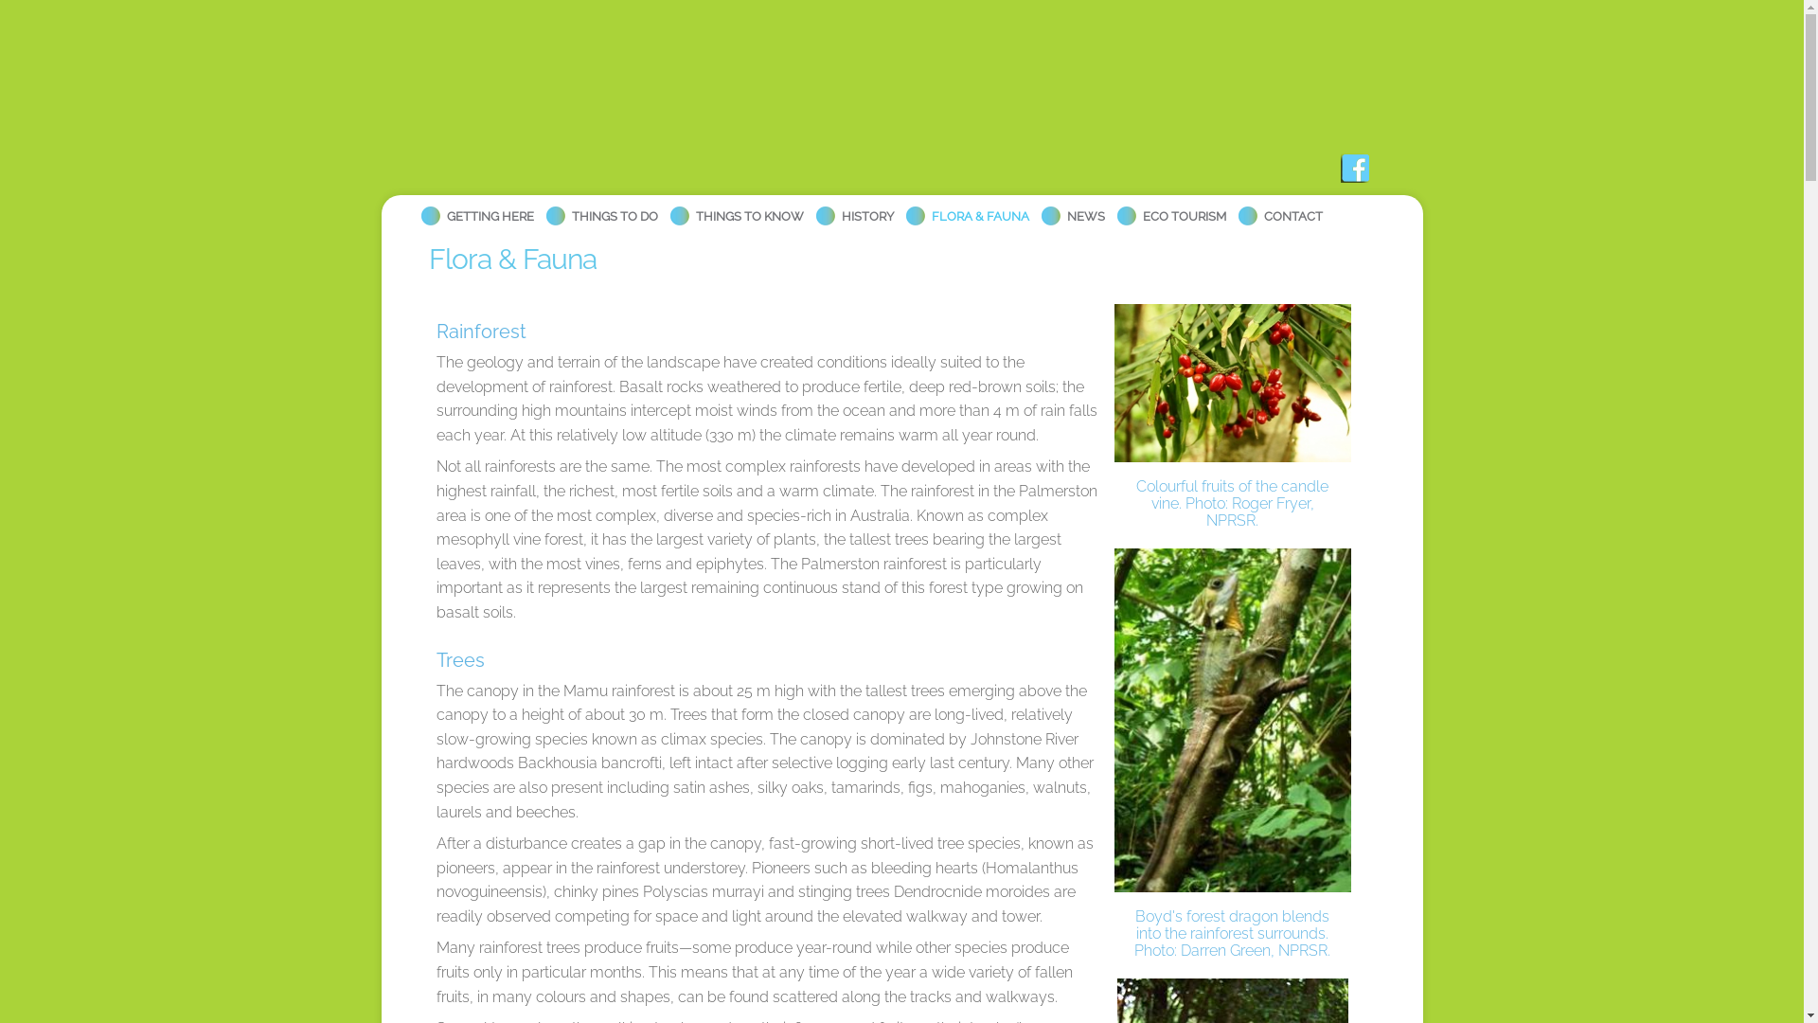 The width and height of the screenshot is (1818, 1023). What do you see at coordinates (965, 205) in the screenshot?
I see `'FLORA & FAUNA'` at bounding box center [965, 205].